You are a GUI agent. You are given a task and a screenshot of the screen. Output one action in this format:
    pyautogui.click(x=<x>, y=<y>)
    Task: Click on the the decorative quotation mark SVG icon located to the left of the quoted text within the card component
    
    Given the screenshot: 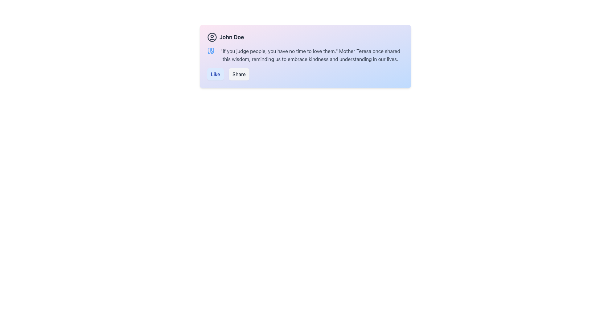 What is the action you would take?
    pyautogui.click(x=211, y=51)
    